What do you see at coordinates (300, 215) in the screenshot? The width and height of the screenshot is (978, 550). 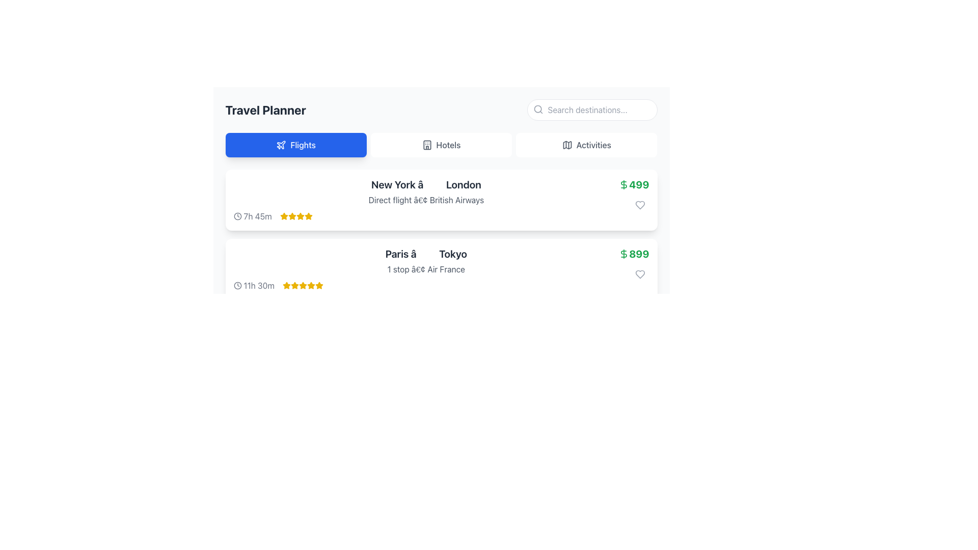 I see `the third star icon outlined in yellow, which represents a rating in the travel planning interface, located below the first item in the travel options list` at bounding box center [300, 215].